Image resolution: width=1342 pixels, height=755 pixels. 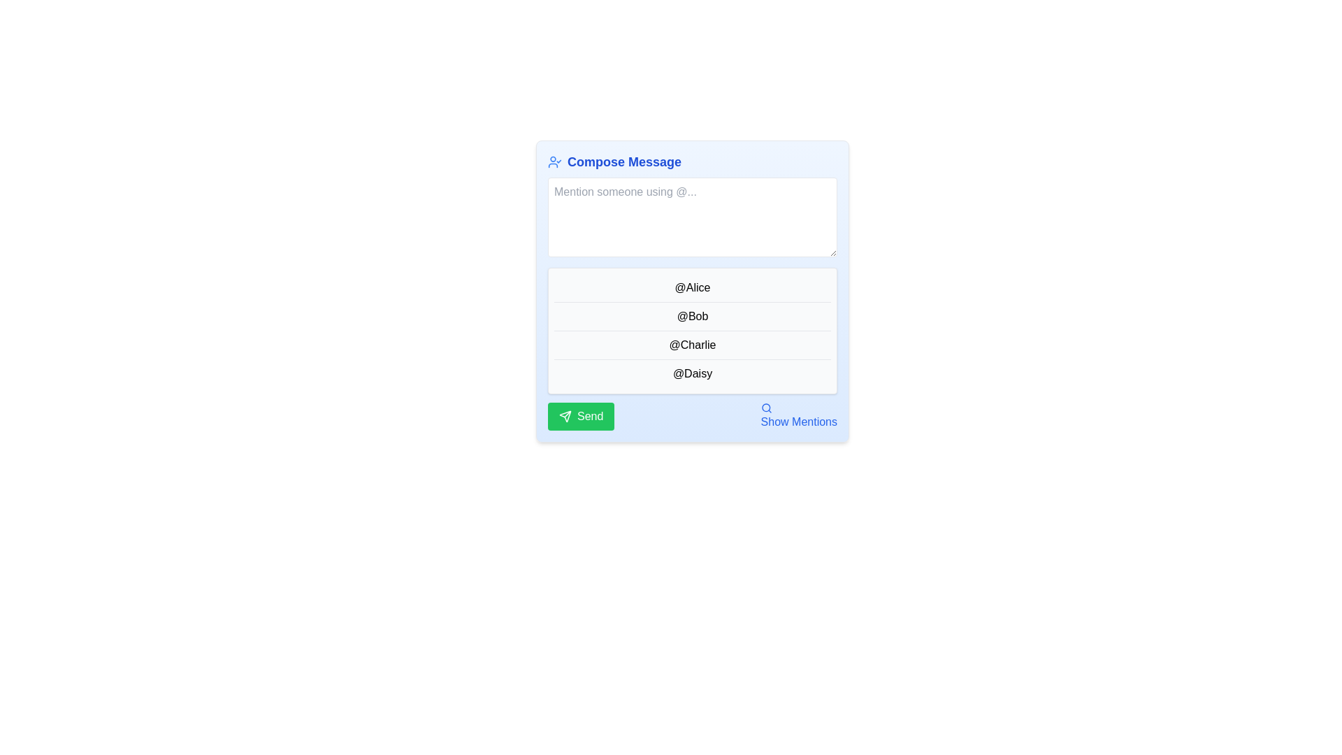 What do you see at coordinates (765, 408) in the screenshot?
I see `the Circle SVG element of the magnifying glass icon` at bounding box center [765, 408].